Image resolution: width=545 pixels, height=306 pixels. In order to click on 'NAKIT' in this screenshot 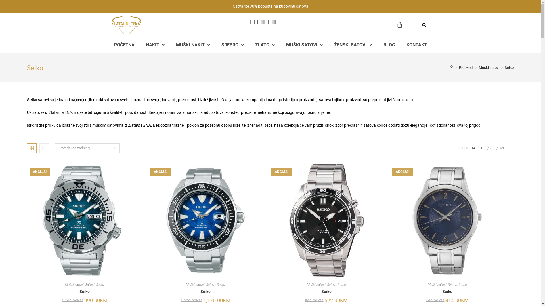, I will do `click(155, 44)`.